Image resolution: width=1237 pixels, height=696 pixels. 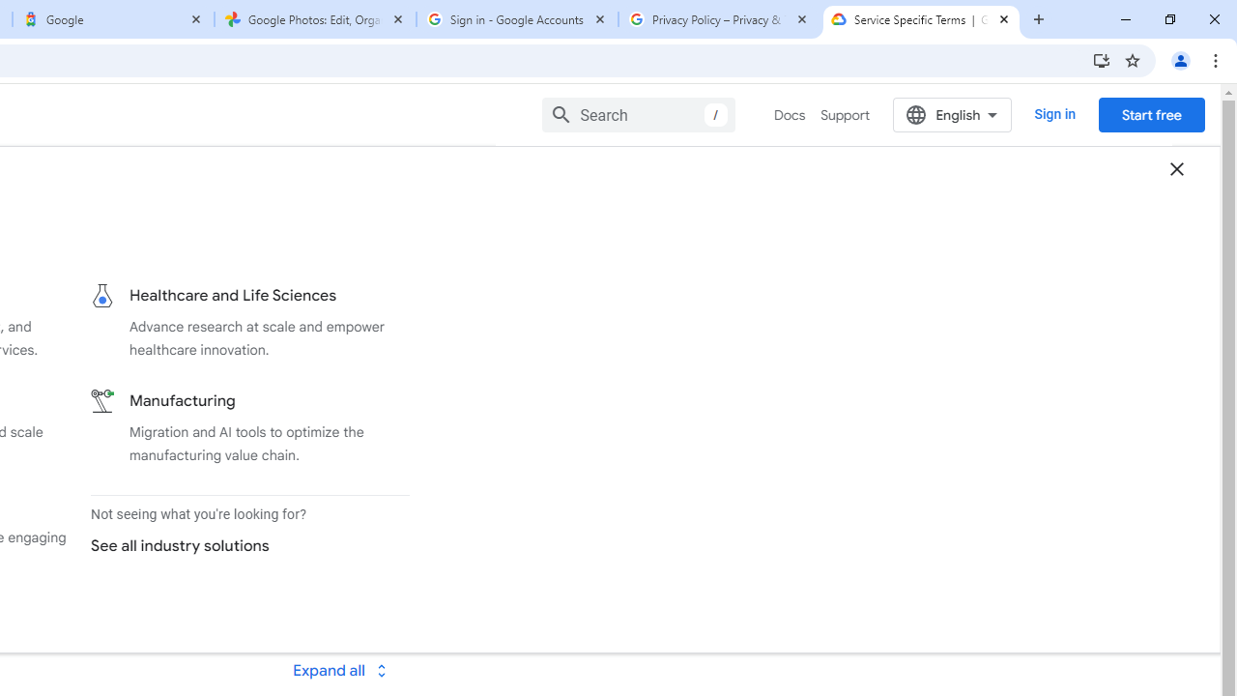 What do you see at coordinates (790, 115) in the screenshot?
I see `'Docs'` at bounding box center [790, 115].